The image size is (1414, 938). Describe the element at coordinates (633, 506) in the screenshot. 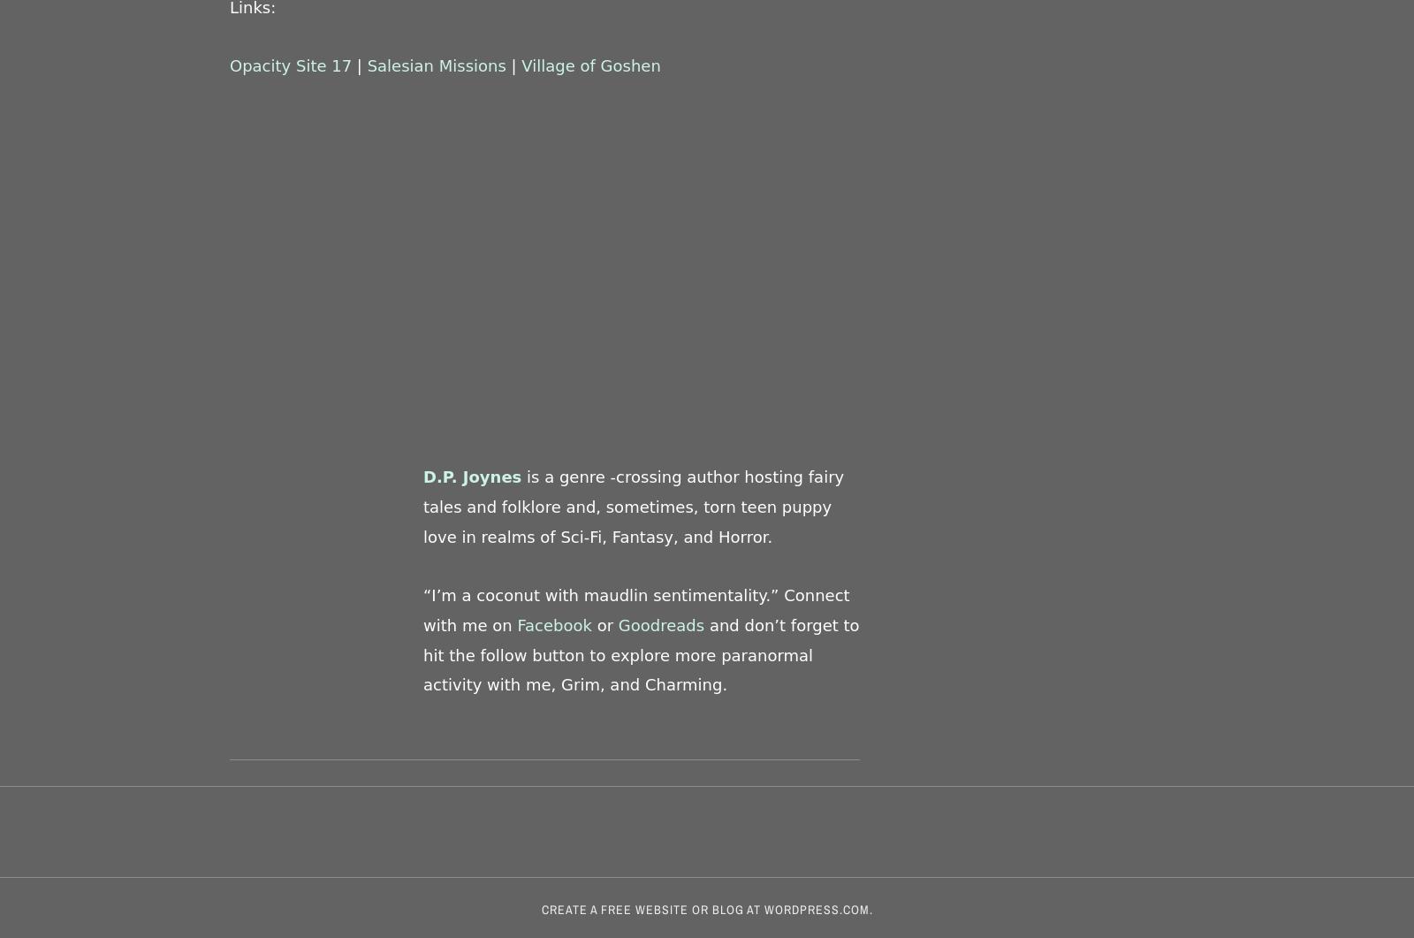

I see `'is a genre -crossing author hosting fairy tales and folklore and, sometimes, torn teen puppy love in realms of Sci-Fi, Fantasy, and Horror.'` at that location.